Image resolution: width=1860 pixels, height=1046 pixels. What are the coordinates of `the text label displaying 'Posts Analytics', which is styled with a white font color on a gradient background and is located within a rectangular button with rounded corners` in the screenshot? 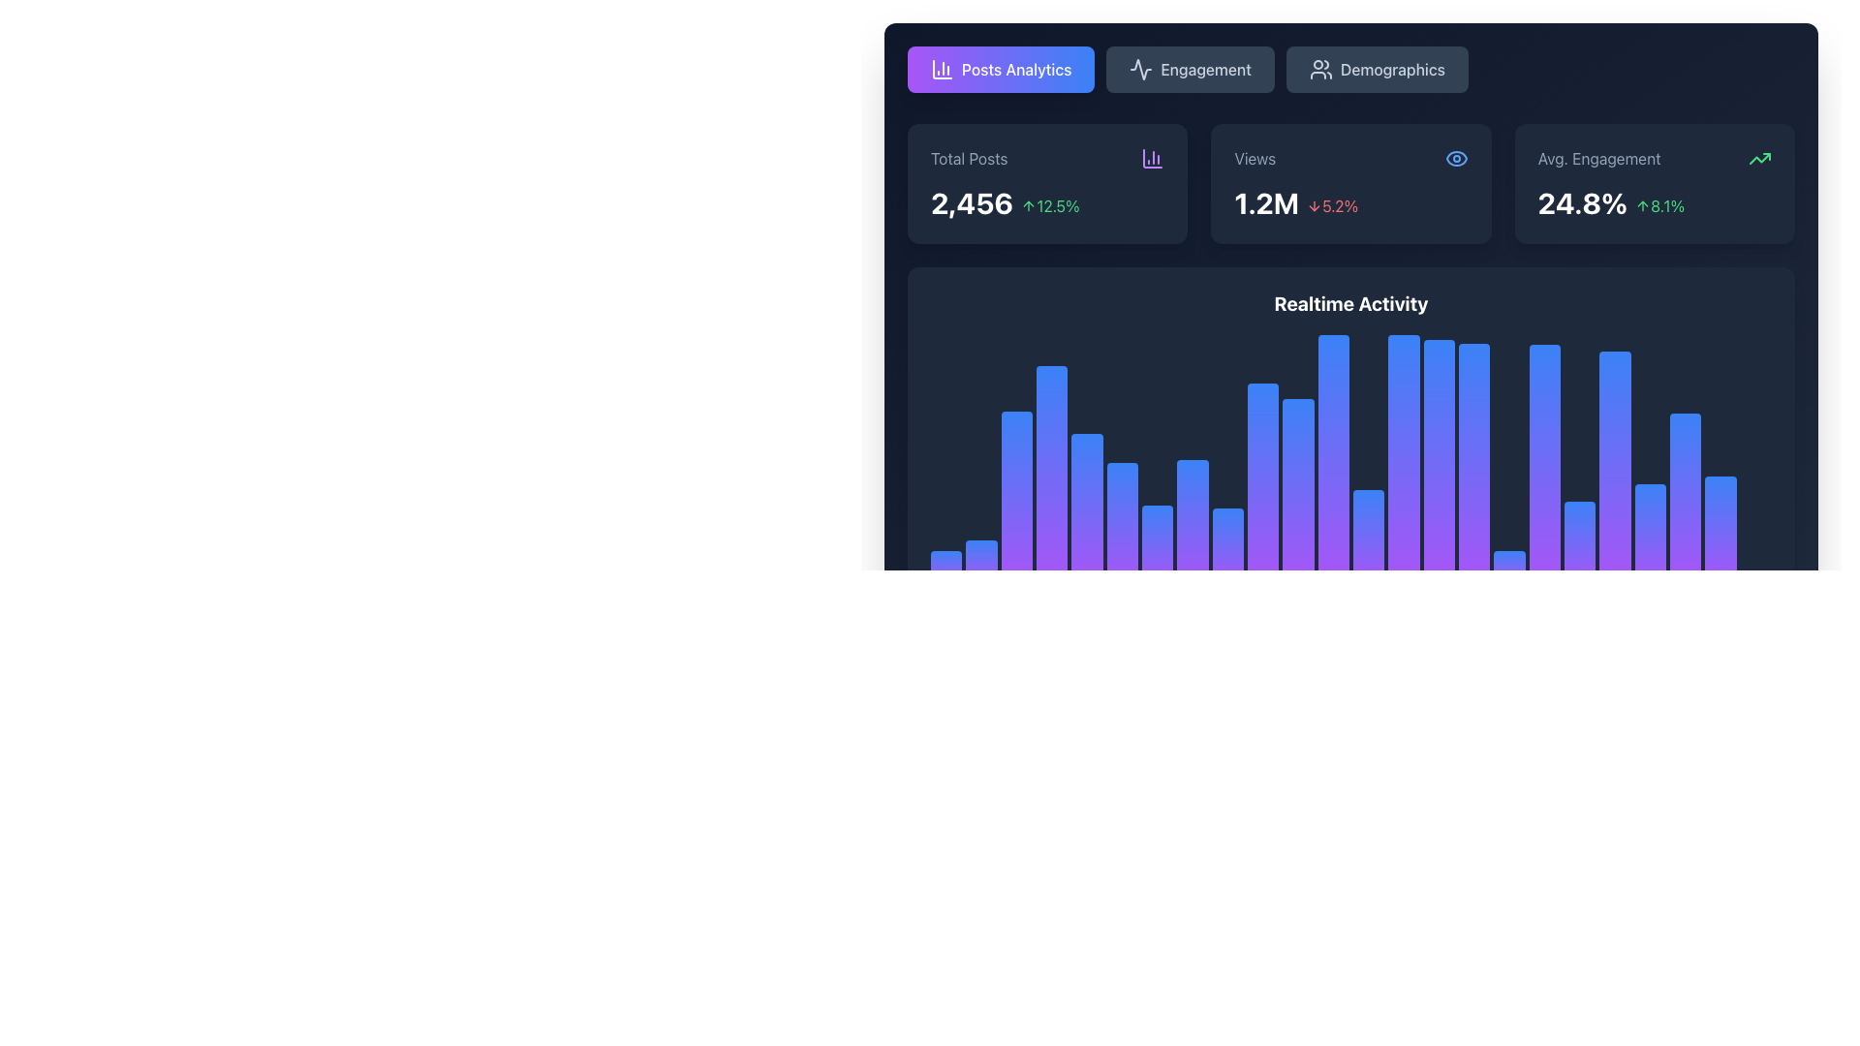 It's located at (1015, 69).